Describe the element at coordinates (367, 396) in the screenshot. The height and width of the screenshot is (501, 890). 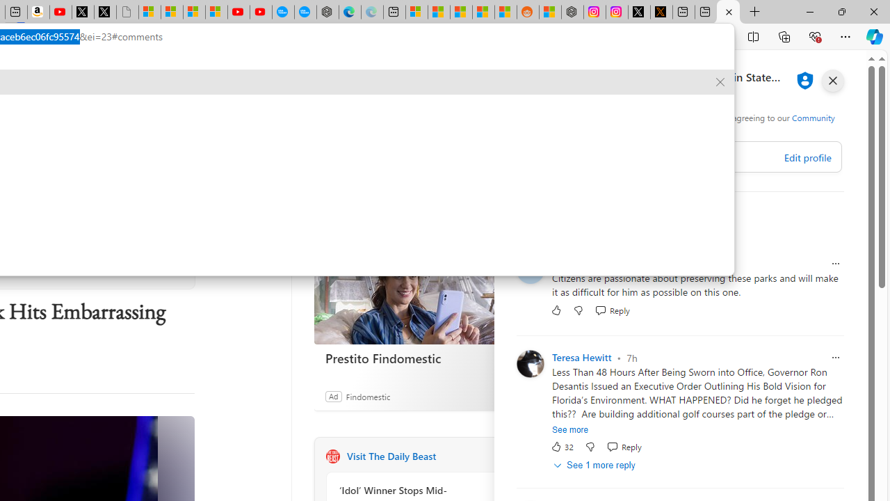
I see `'Findomestic'` at that location.